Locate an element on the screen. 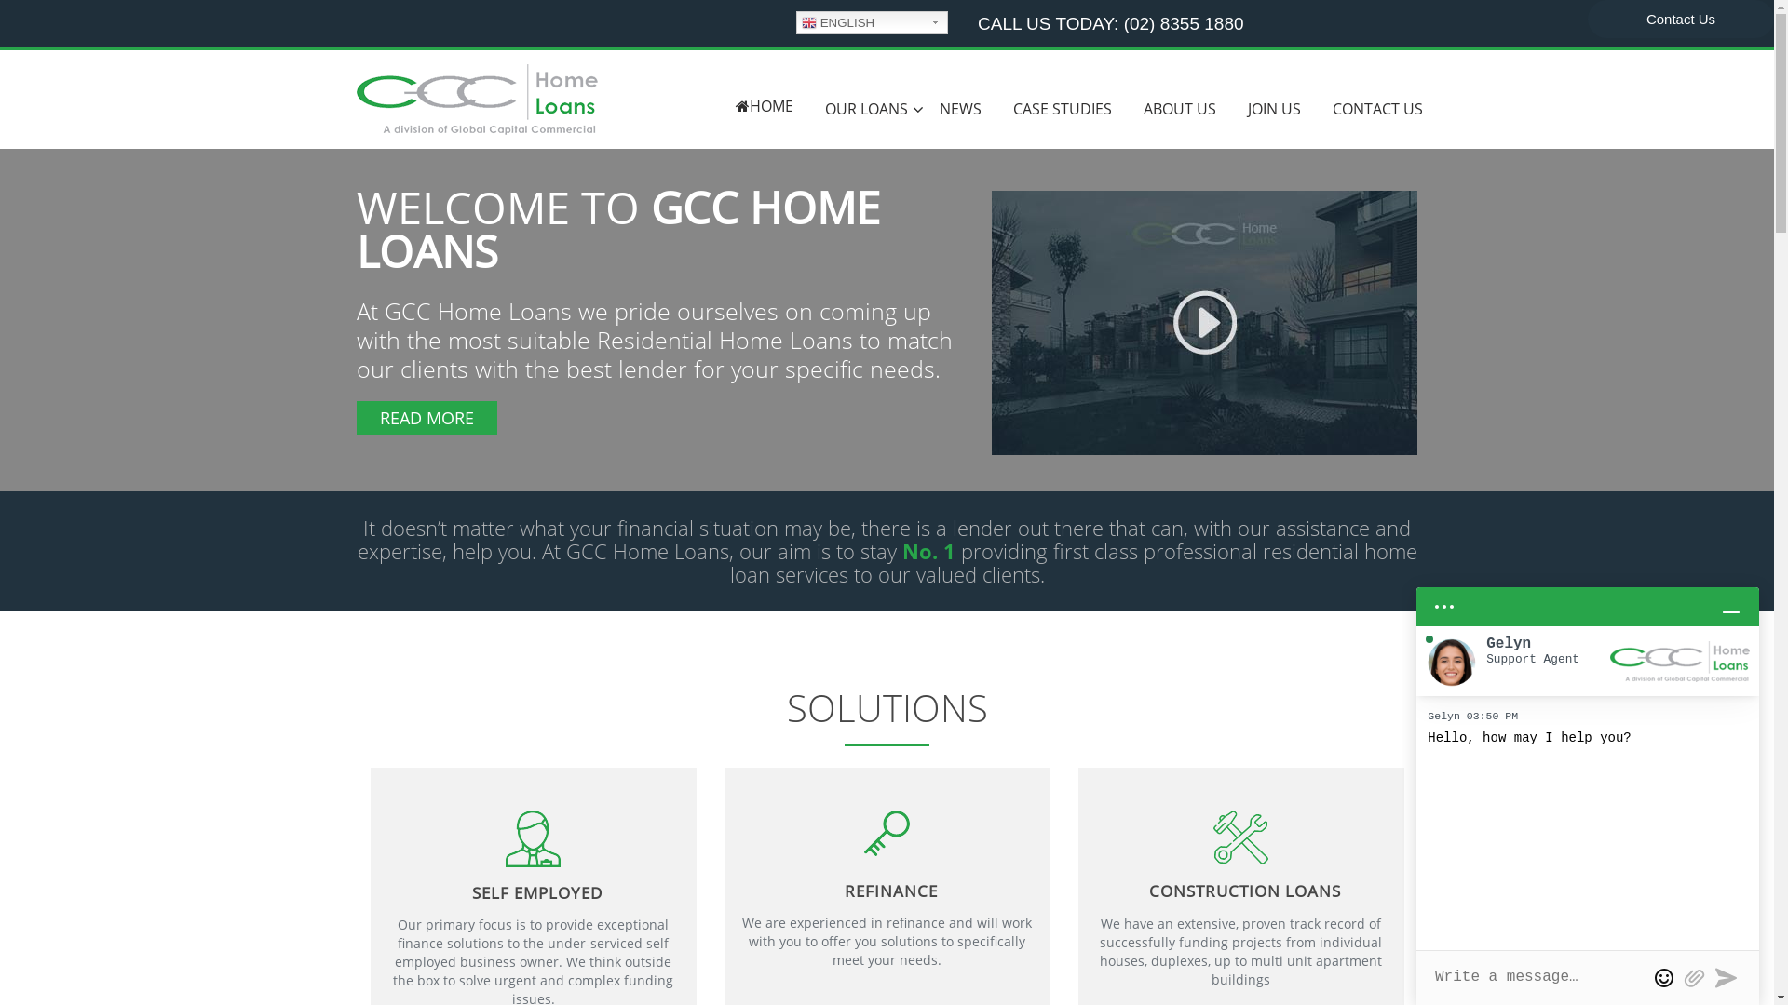 The image size is (1788, 1005). 'ENGLISH' is located at coordinates (871, 22).